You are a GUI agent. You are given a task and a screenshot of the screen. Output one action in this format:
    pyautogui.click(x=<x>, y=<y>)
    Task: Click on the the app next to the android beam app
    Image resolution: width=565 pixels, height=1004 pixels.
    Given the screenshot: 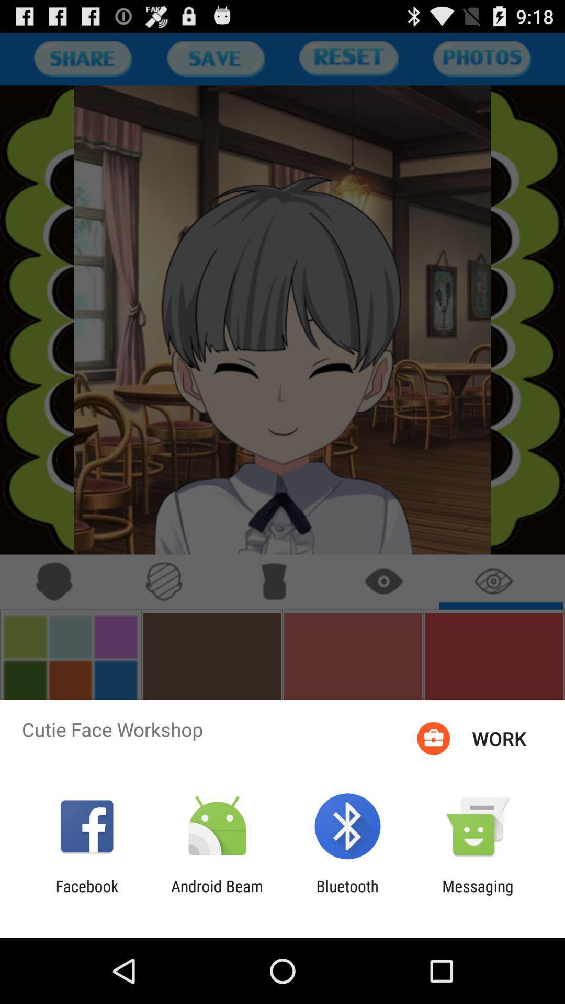 What is the action you would take?
    pyautogui.click(x=86, y=895)
    